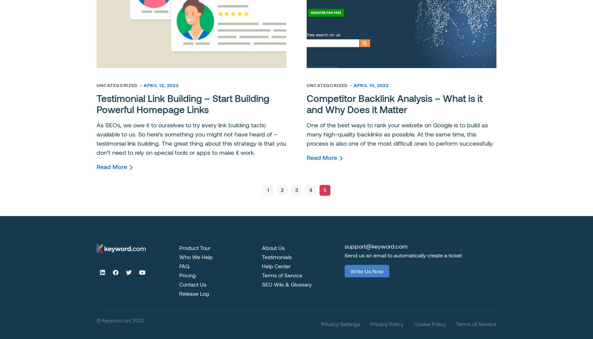  What do you see at coordinates (394, 104) in the screenshot?
I see `'Competitor Backlink Analysis – What is it and Why Does it Matter'` at bounding box center [394, 104].